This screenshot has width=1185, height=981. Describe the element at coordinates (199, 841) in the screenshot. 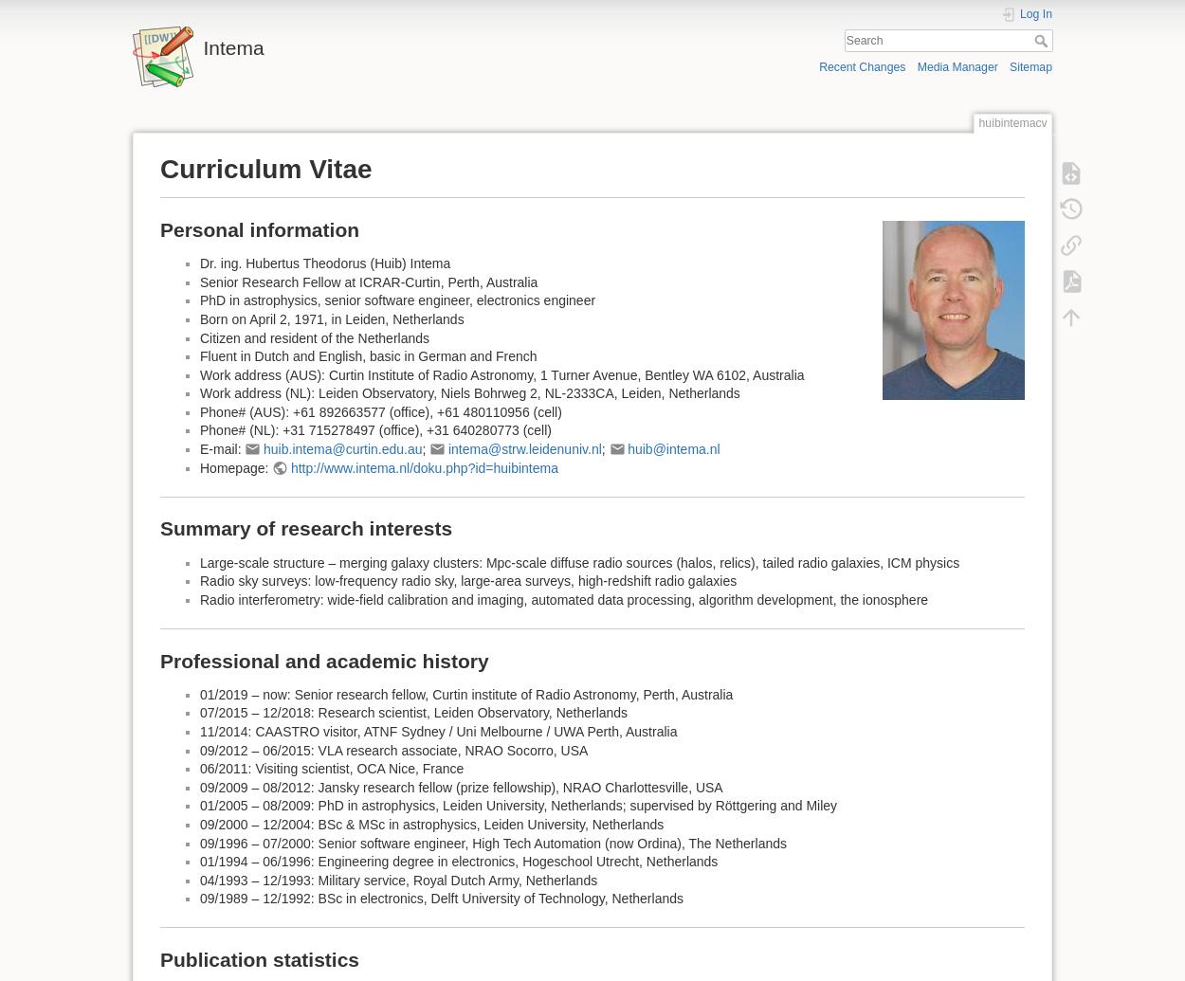

I see `'09/1996 – 07/2000: Senior software engineer, High Tech Automation (now Ordina), The Netherlands'` at that location.